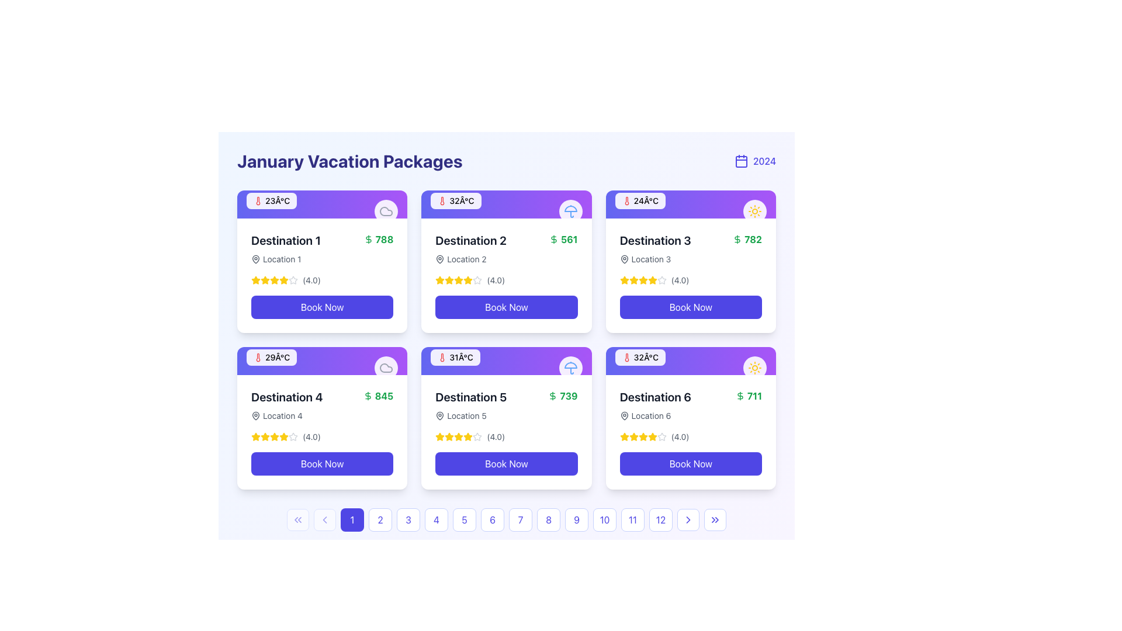 This screenshot has width=1122, height=631. Describe the element at coordinates (661, 519) in the screenshot. I see `the twelfth pagination button with a white background and indigo text ('12')` at that location.